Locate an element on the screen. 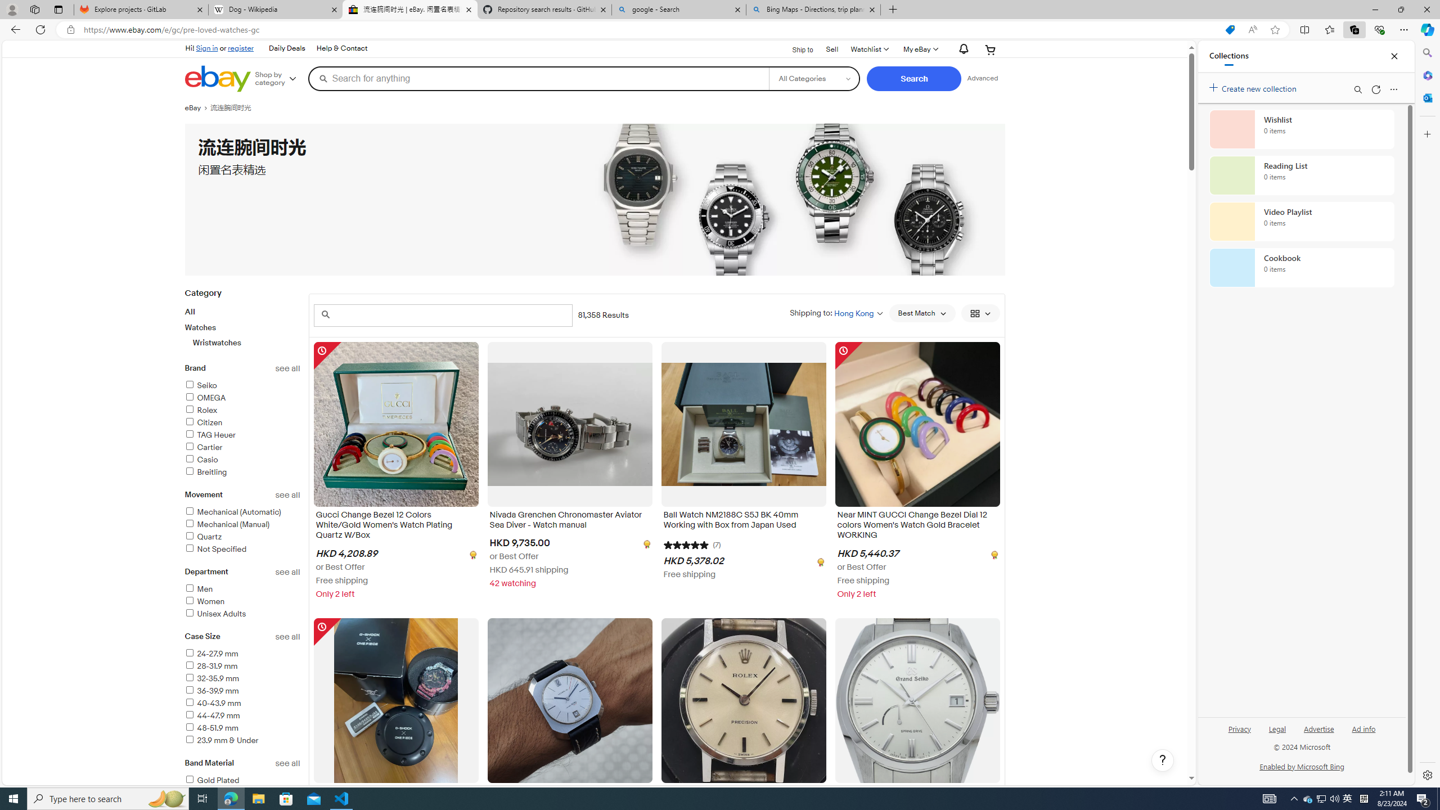 Image resolution: width=1440 pixels, height=810 pixels. 'Shipping to: Hong Kong' is located at coordinates (836, 312).